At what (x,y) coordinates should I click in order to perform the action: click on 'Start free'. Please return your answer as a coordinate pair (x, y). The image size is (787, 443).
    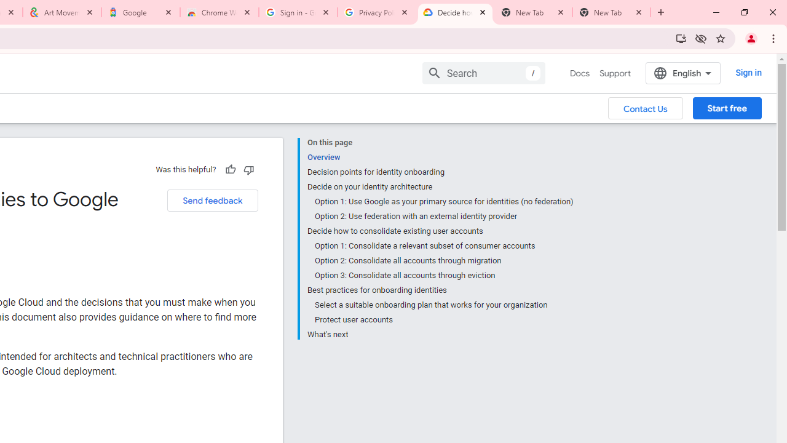
    Looking at the image, I should click on (727, 107).